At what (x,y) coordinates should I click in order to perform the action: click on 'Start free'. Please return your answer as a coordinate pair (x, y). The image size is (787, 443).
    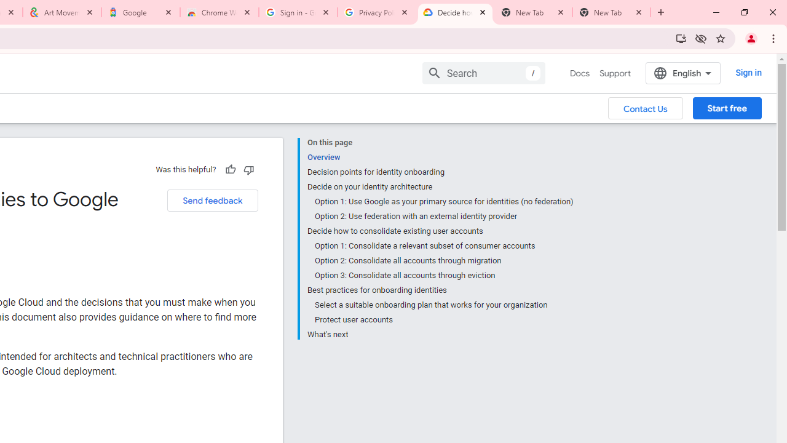
    Looking at the image, I should click on (727, 107).